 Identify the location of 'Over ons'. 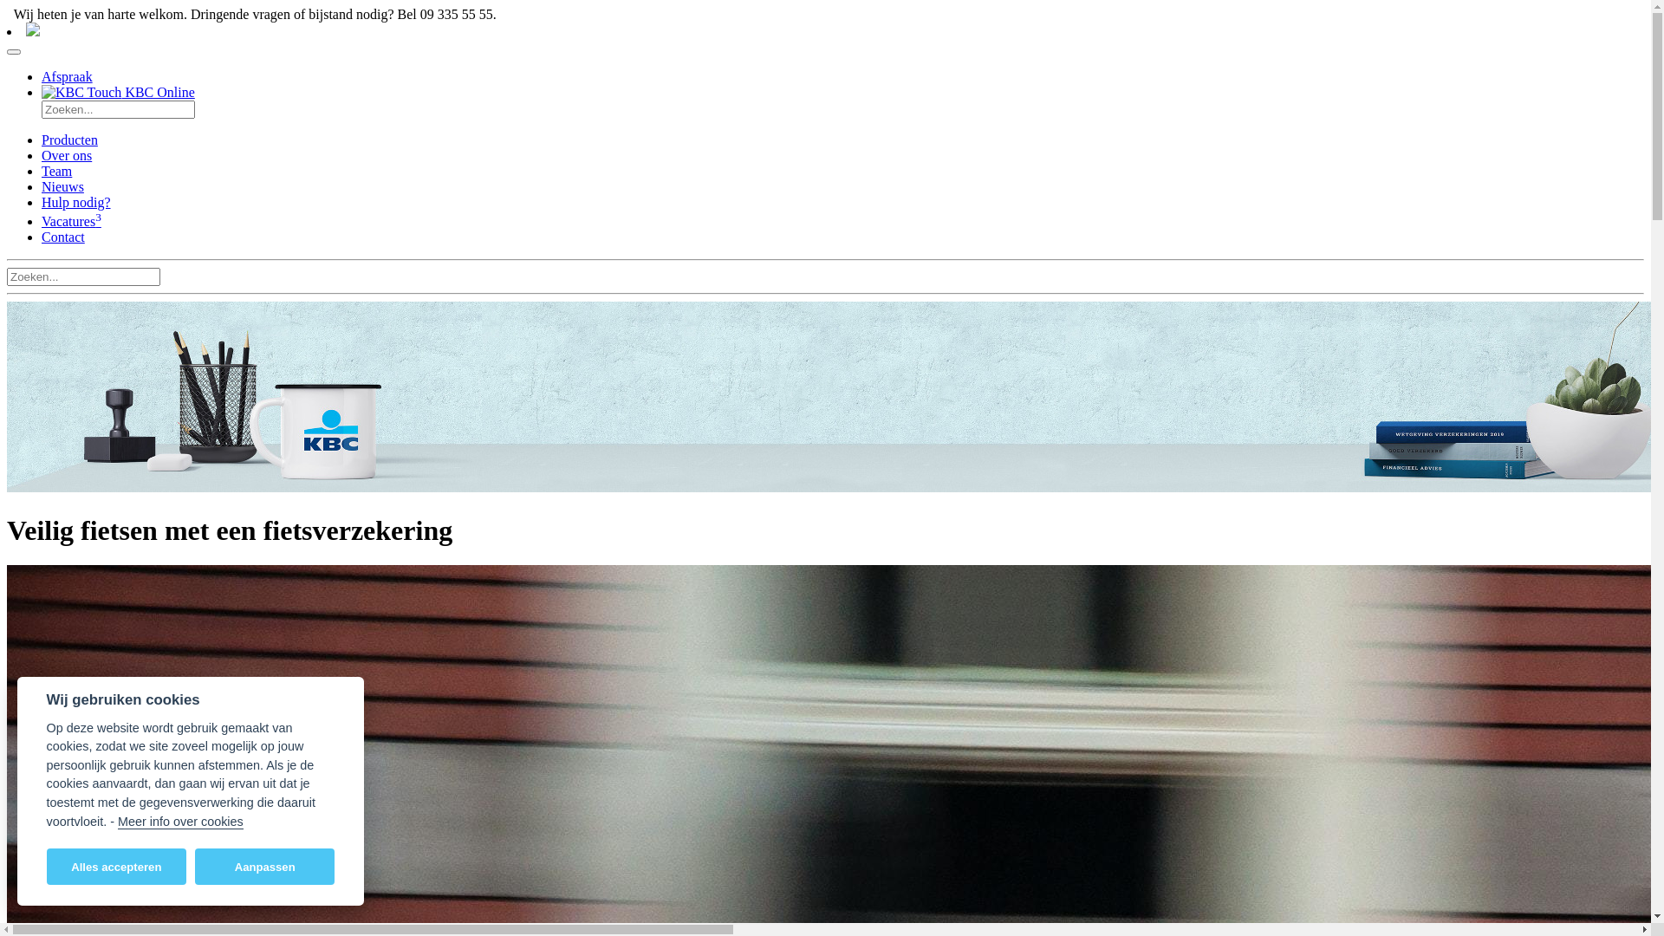
(42, 154).